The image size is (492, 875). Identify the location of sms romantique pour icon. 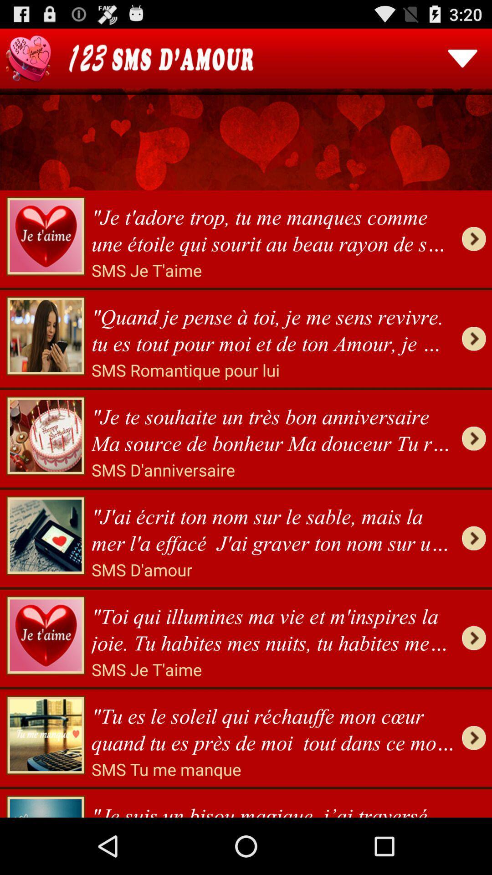
(185, 370).